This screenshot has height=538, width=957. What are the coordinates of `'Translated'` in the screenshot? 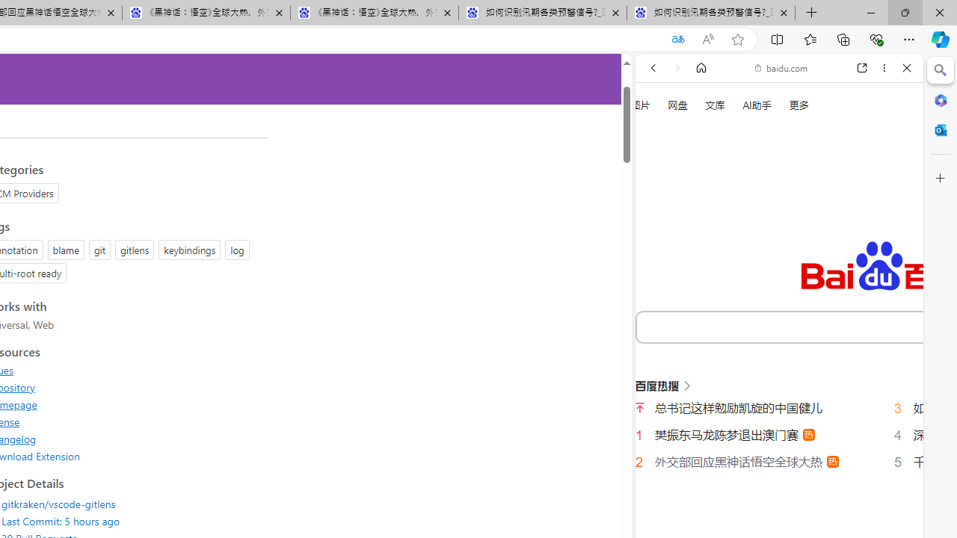 It's located at (677, 39).